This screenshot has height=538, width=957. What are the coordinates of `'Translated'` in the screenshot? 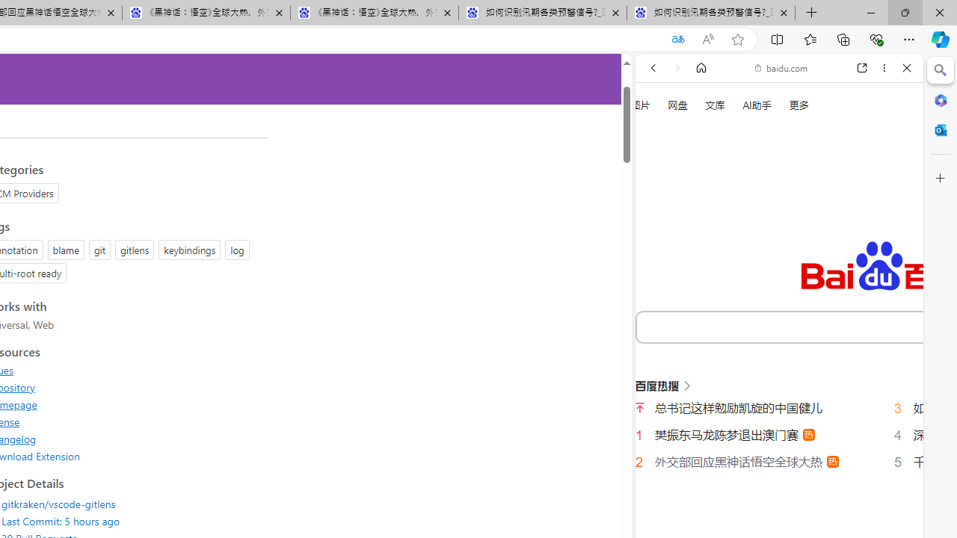 It's located at (677, 39).